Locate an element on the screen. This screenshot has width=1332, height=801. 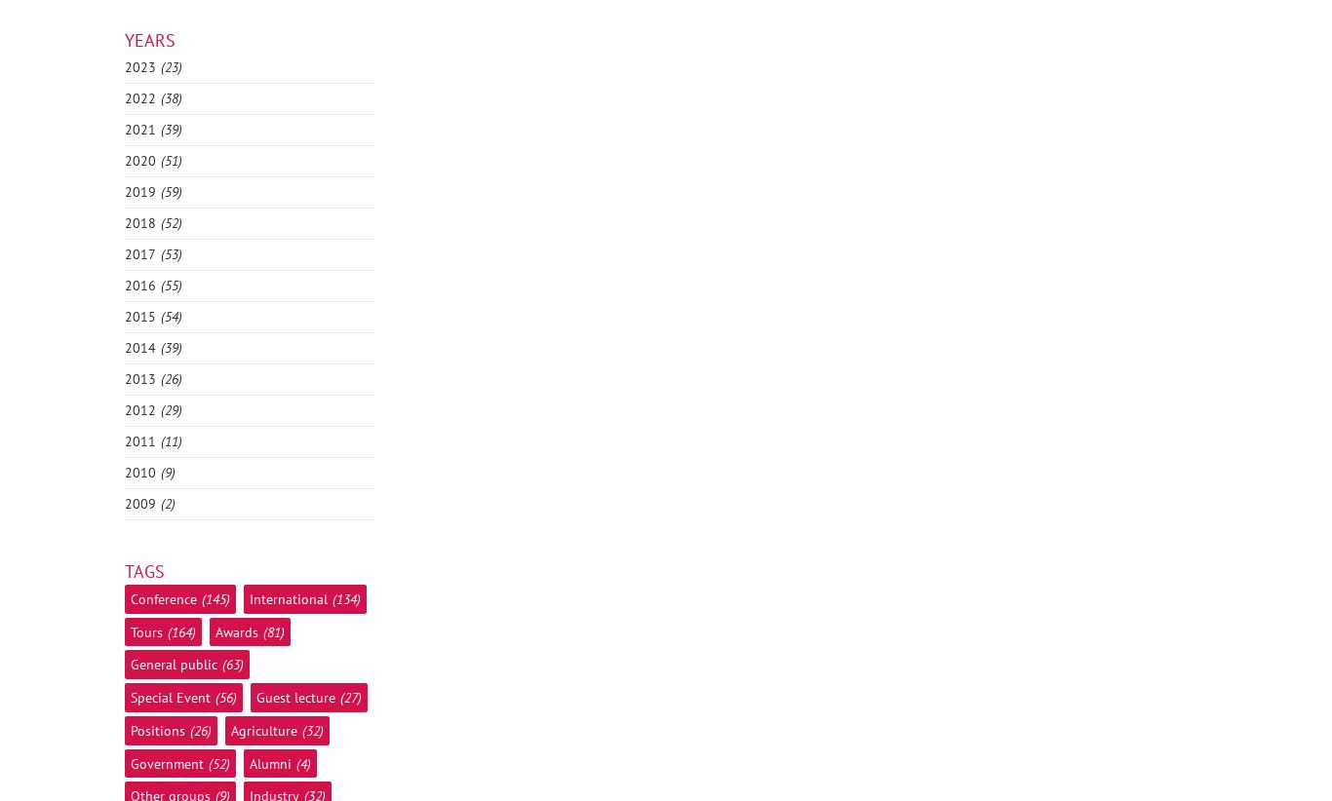
'Alumni' is located at coordinates (249, 763).